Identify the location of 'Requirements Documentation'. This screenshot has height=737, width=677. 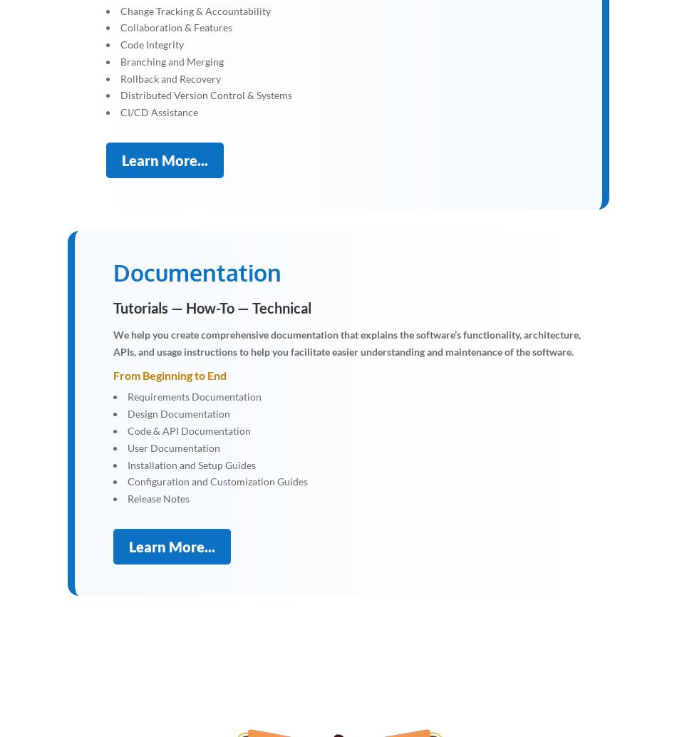
(194, 396).